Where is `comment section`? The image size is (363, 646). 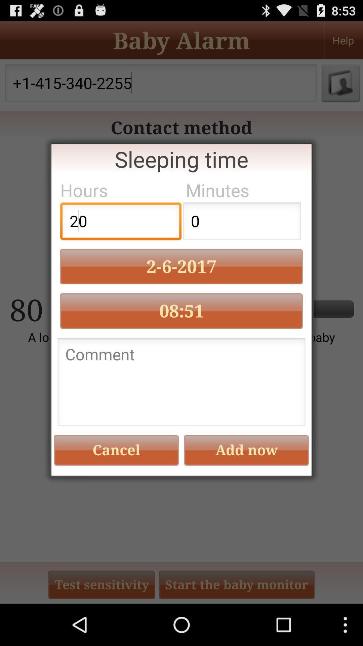
comment section is located at coordinates (182, 384).